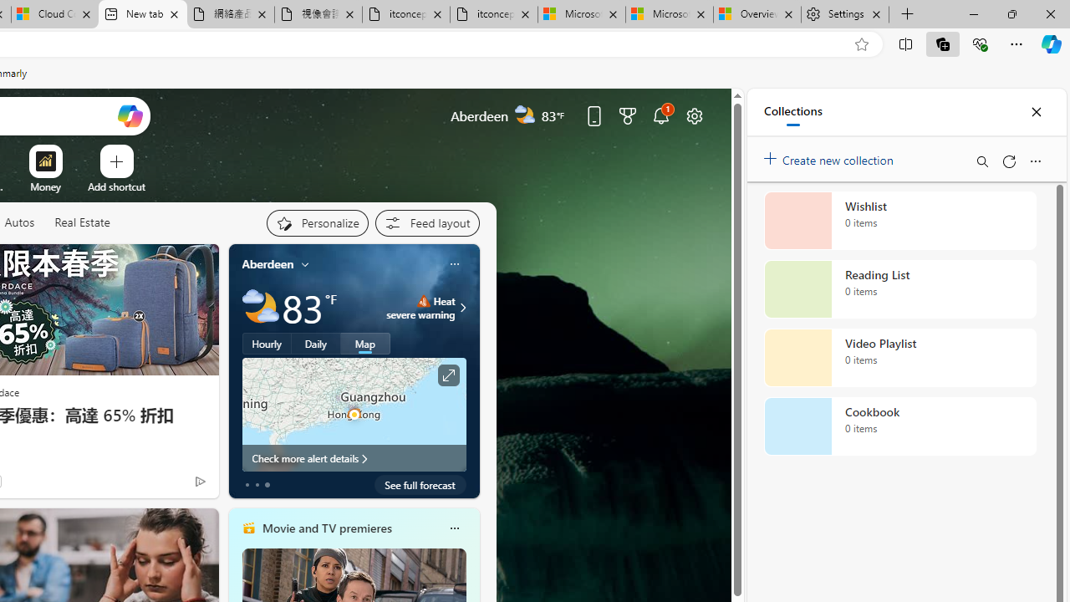 The height and width of the screenshot is (602, 1070). What do you see at coordinates (756, 14) in the screenshot?
I see `'Overview'` at bounding box center [756, 14].